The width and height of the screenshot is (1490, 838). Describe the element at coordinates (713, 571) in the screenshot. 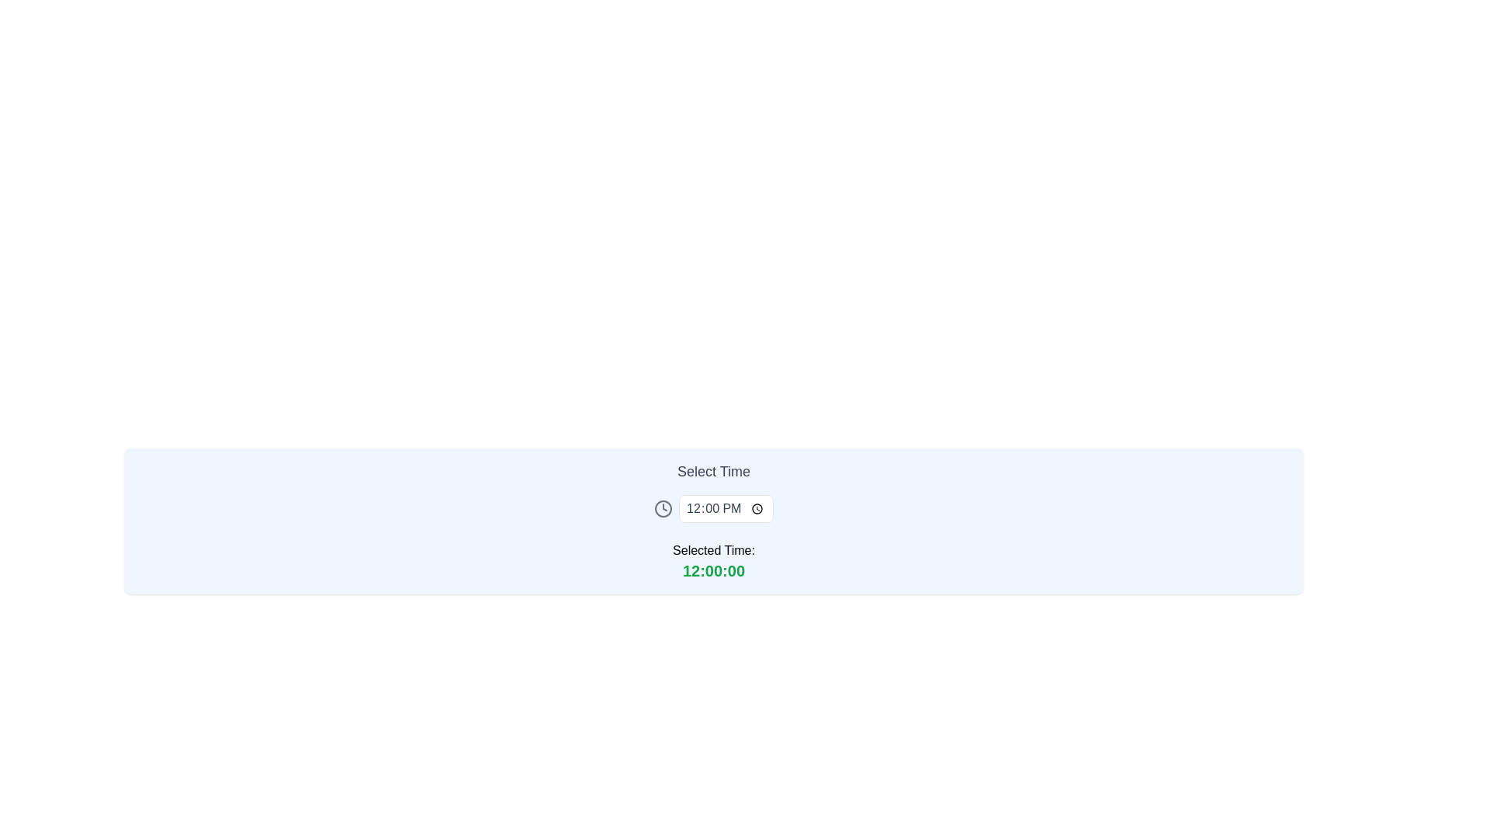

I see `the green, bold, large-sized text label that reads '12:00:00', located at the bottom center of the 'Selected Time:' section` at that location.